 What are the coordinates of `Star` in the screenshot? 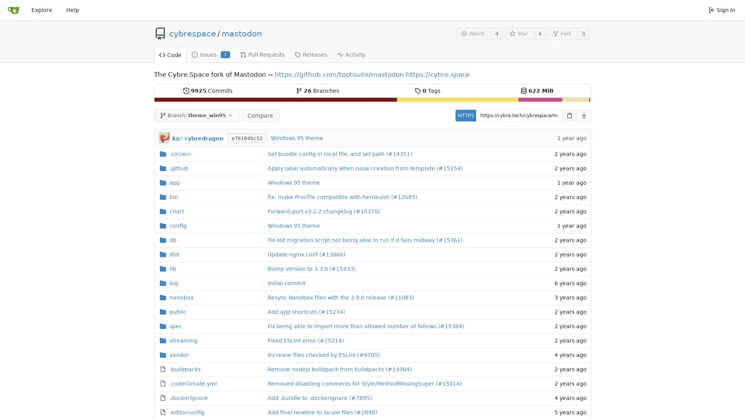 It's located at (519, 33).